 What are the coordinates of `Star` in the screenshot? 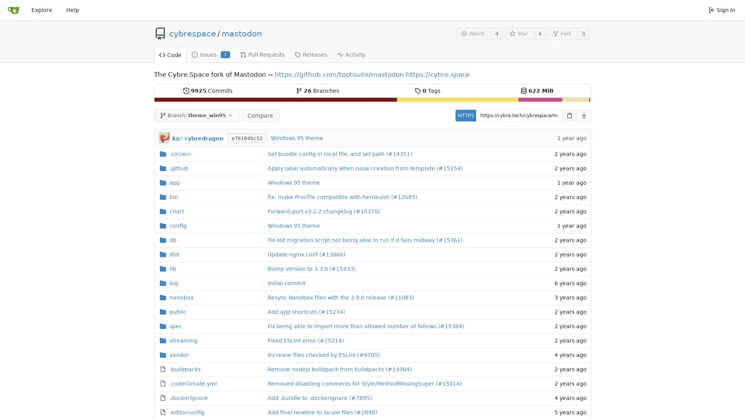 It's located at (519, 33).